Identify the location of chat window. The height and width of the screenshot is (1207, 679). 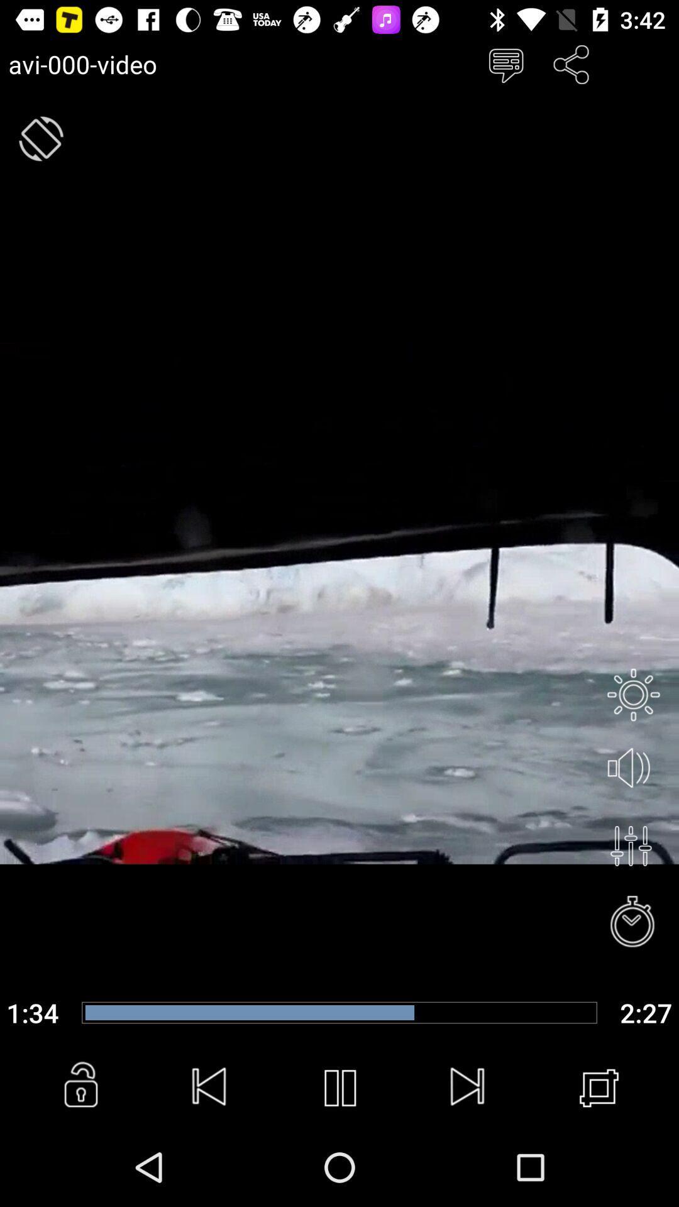
(505, 63).